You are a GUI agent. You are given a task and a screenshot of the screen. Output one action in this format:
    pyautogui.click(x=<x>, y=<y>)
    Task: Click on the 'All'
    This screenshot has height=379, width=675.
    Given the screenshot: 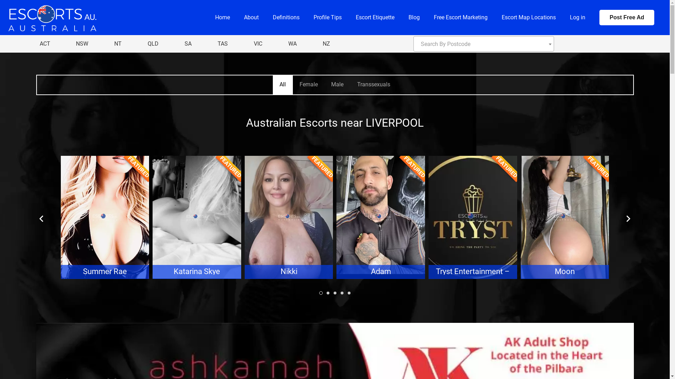 What is the action you would take?
    pyautogui.click(x=272, y=85)
    